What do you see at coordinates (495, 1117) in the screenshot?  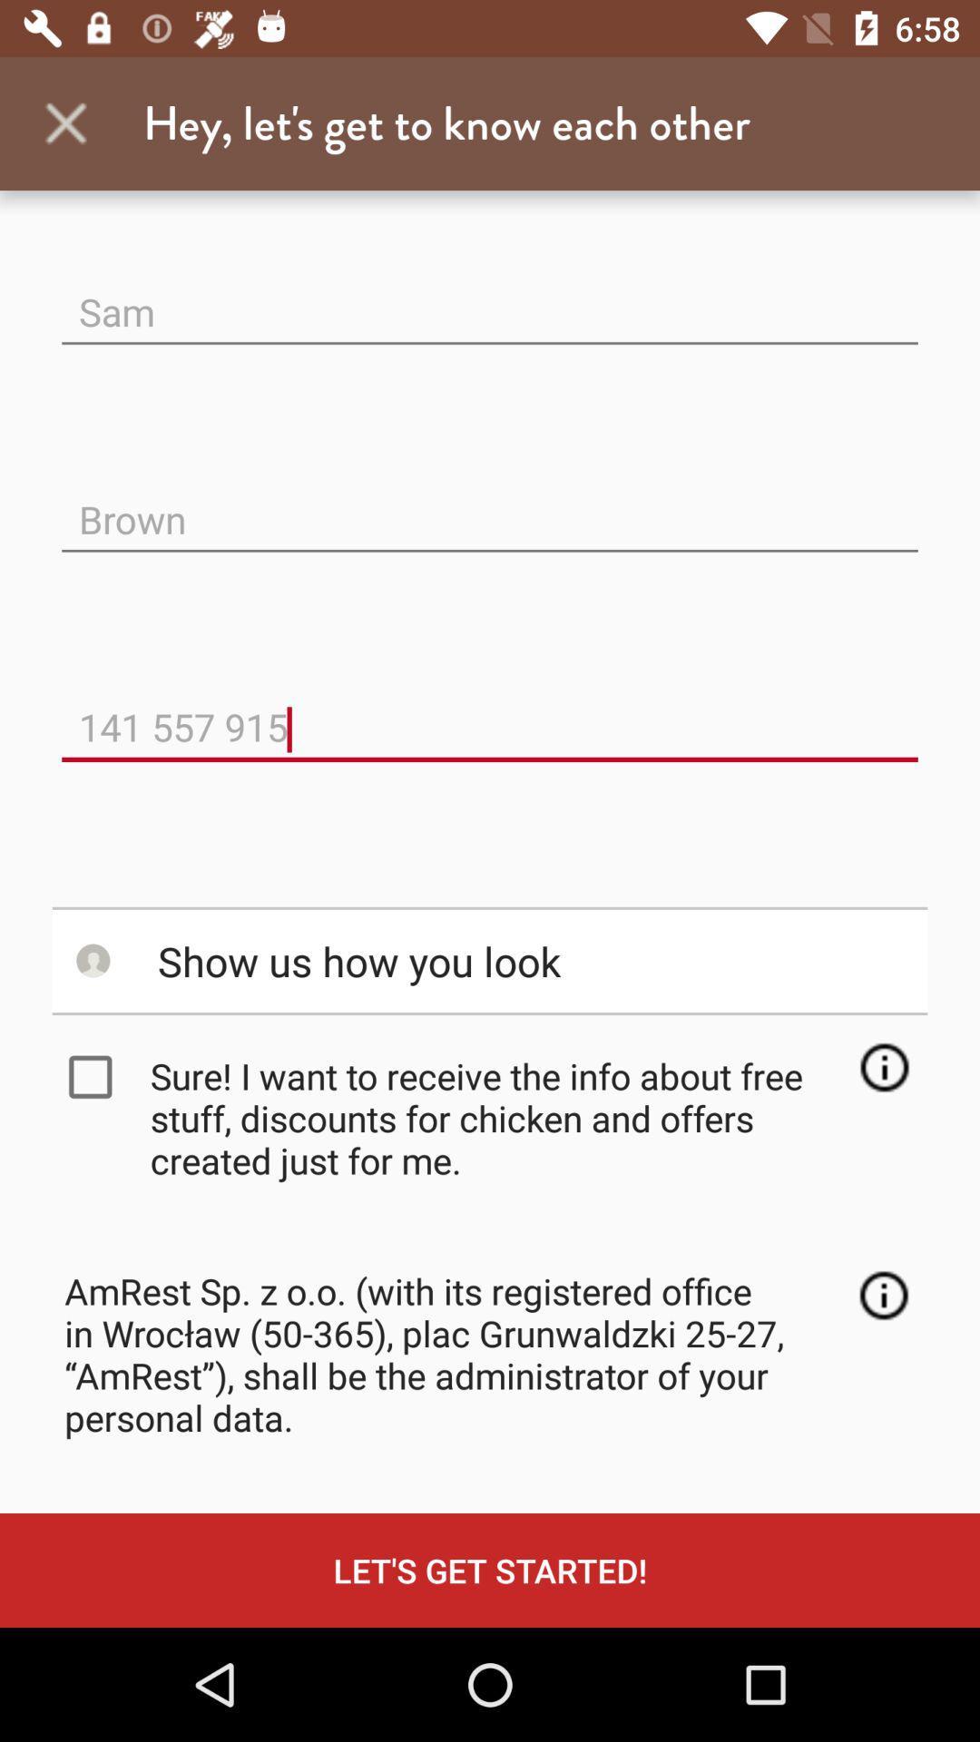 I see `the sure i want item` at bounding box center [495, 1117].